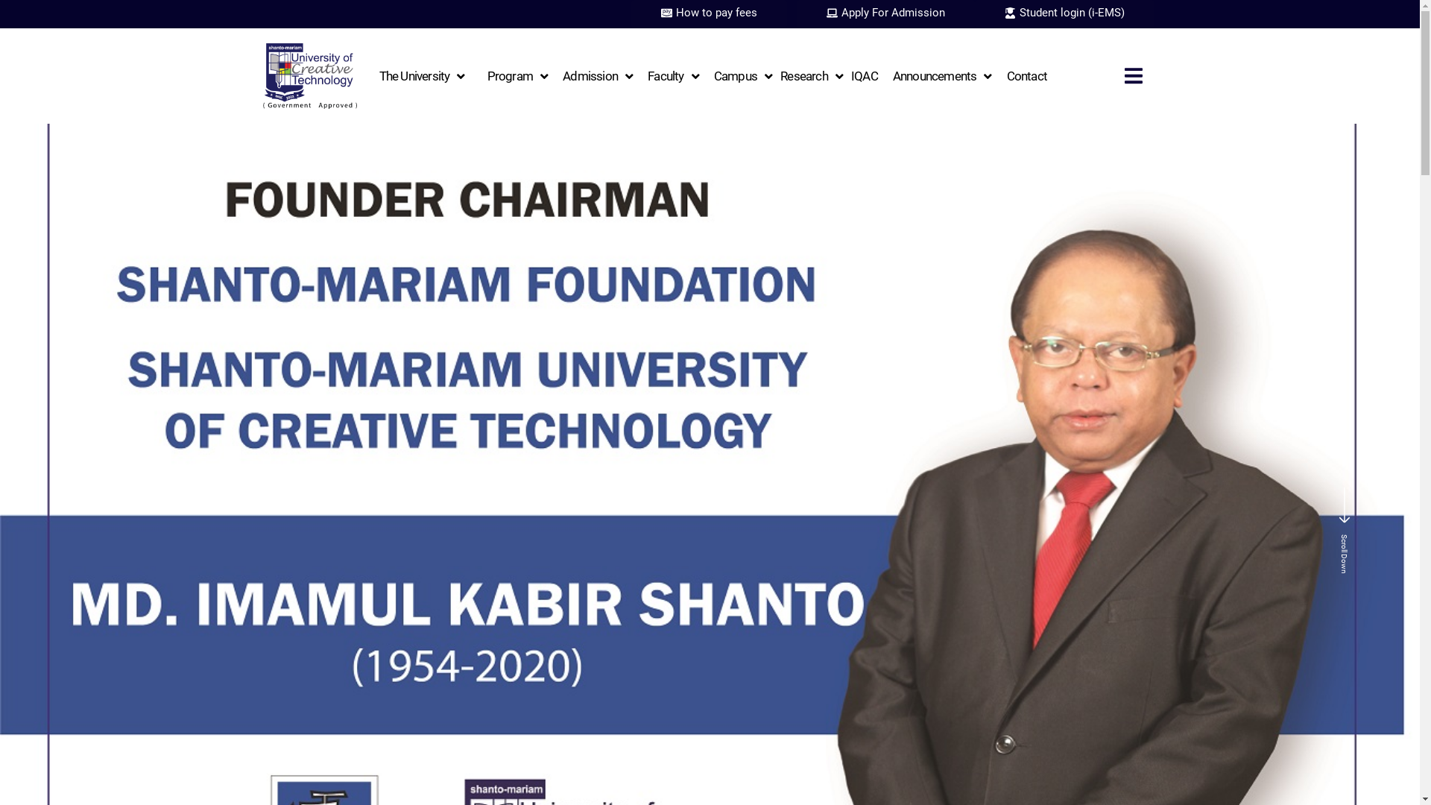 This screenshot has height=805, width=1431. What do you see at coordinates (597, 75) in the screenshot?
I see `'Admission'` at bounding box center [597, 75].